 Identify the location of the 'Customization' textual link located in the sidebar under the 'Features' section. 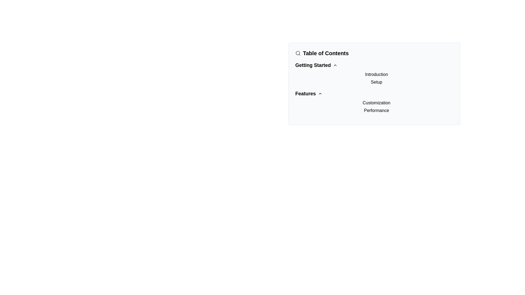
(376, 103).